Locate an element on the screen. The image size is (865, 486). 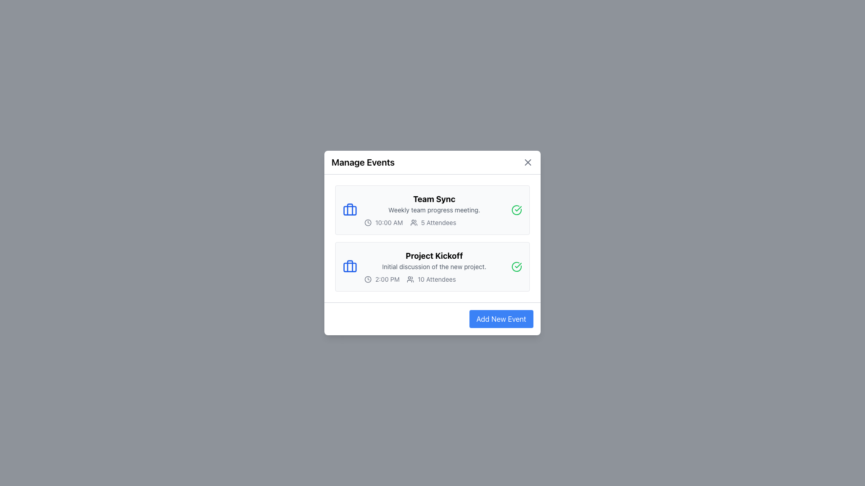
the rectangular button with a blue background and white text reading 'Add New Event' located at the bottom-right corner of the 'Manage Events' modal to initiate the 'Add New Event' action is located at coordinates (501, 319).